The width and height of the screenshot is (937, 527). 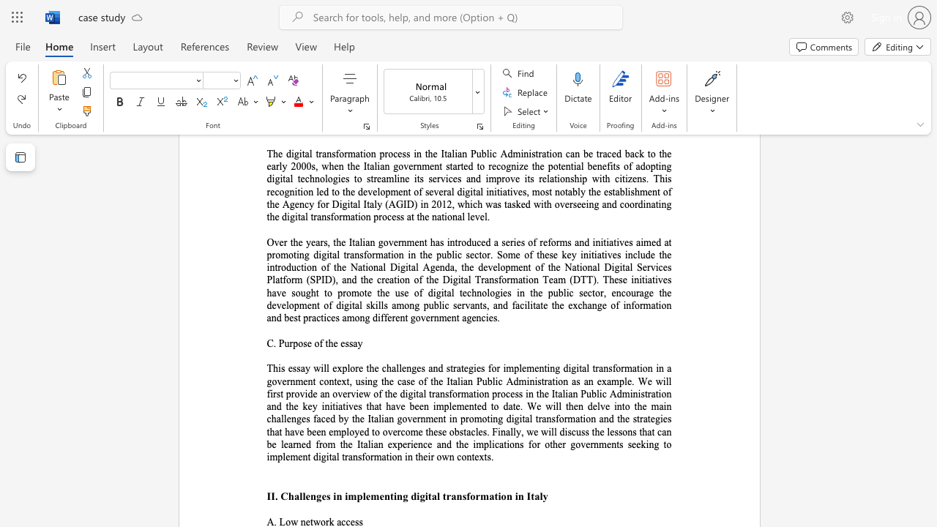 I want to click on the subset text "in" within the text "II. Challenges in implementing digital transformation in Italy", so click(x=515, y=496).